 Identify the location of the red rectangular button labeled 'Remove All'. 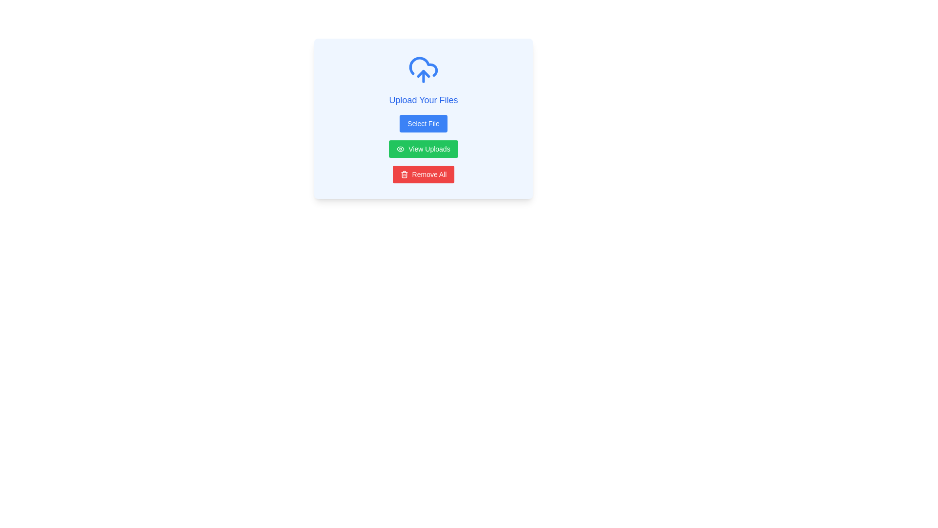
(424, 174).